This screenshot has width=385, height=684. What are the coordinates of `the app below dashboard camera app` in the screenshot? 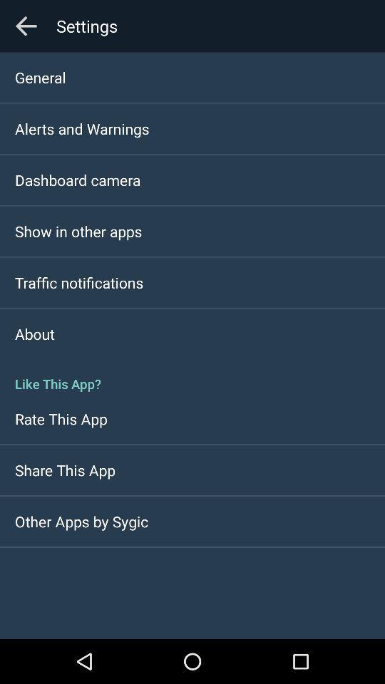 It's located at (78, 231).